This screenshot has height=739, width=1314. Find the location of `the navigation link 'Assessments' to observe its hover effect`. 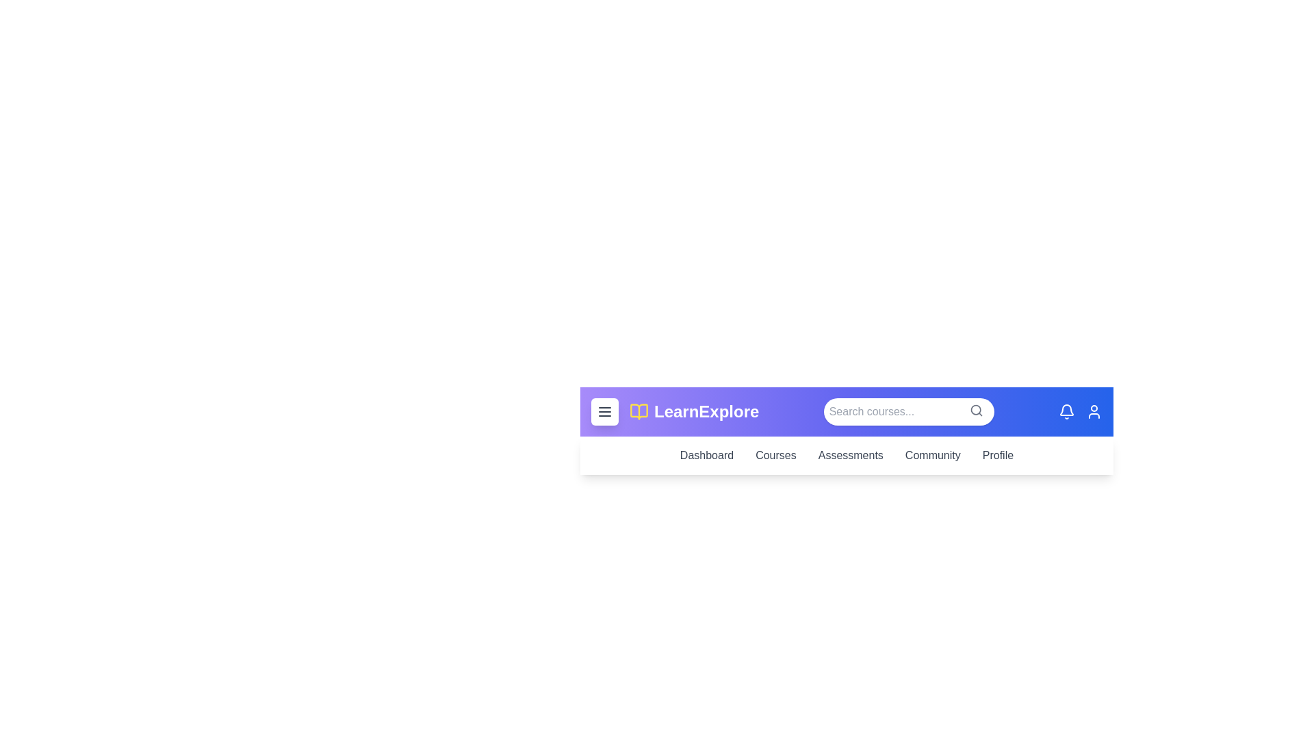

the navigation link 'Assessments' to observe its hover effect is located at coordinates (850, 456).